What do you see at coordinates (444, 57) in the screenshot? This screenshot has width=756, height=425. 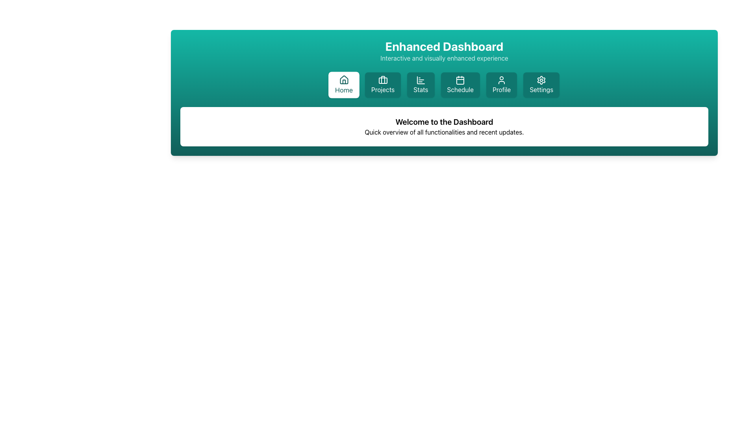 I see `the text label displaying 'Interactive and visually enhanced experience', which is a descriptive subtitle located directly beneath the title 'Enhanced Dashboard' on the green background header bar` at bounding box center [444, 57].